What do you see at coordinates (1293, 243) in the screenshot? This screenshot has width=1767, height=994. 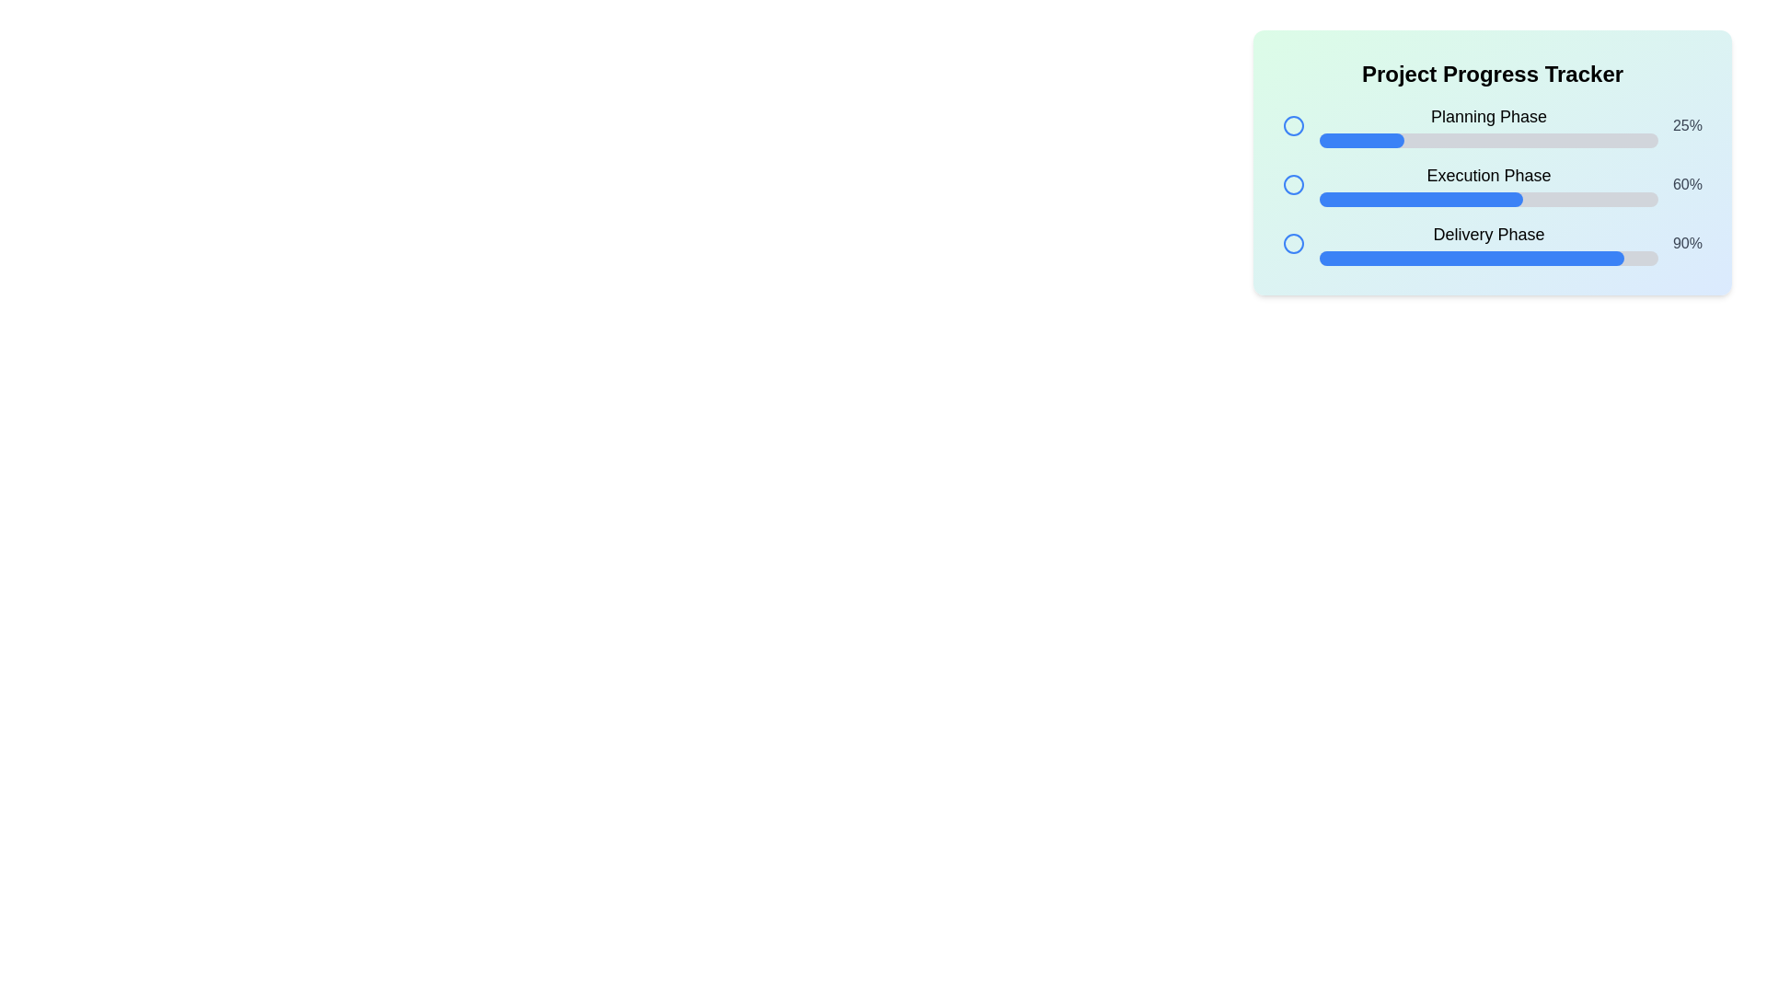 I see `the circular radio button with a blue outline located` at bounding box center [1293, 243].